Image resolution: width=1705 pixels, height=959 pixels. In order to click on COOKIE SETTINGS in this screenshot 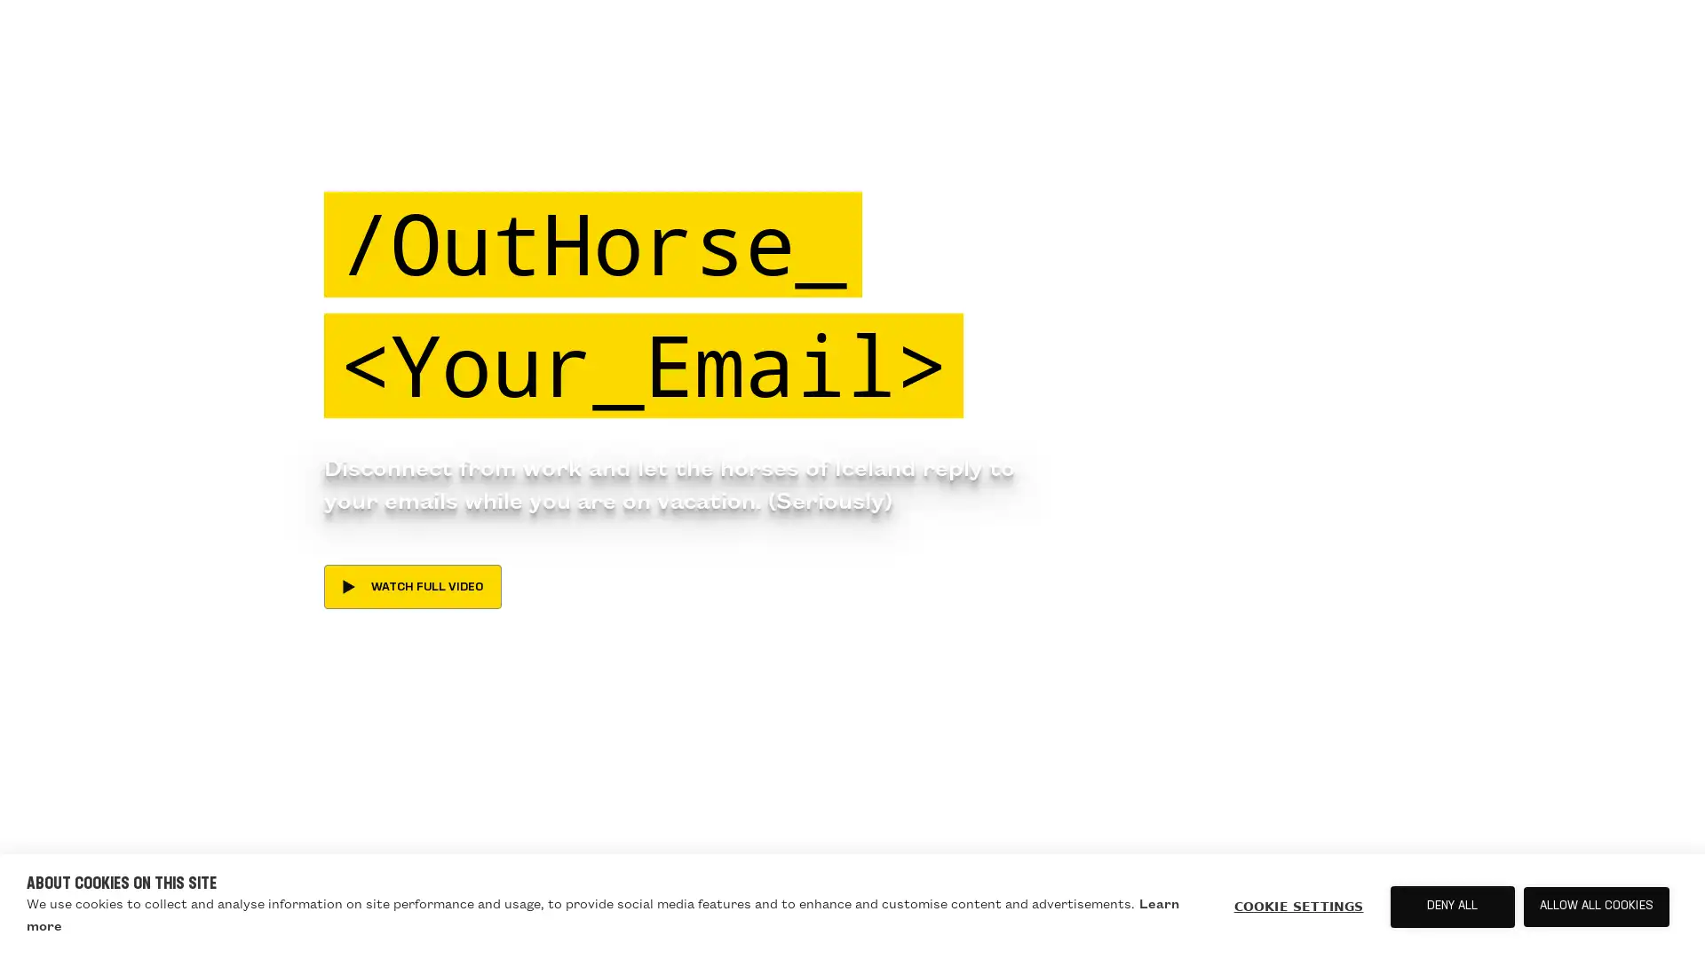, I will do `click(1298, 906)`.